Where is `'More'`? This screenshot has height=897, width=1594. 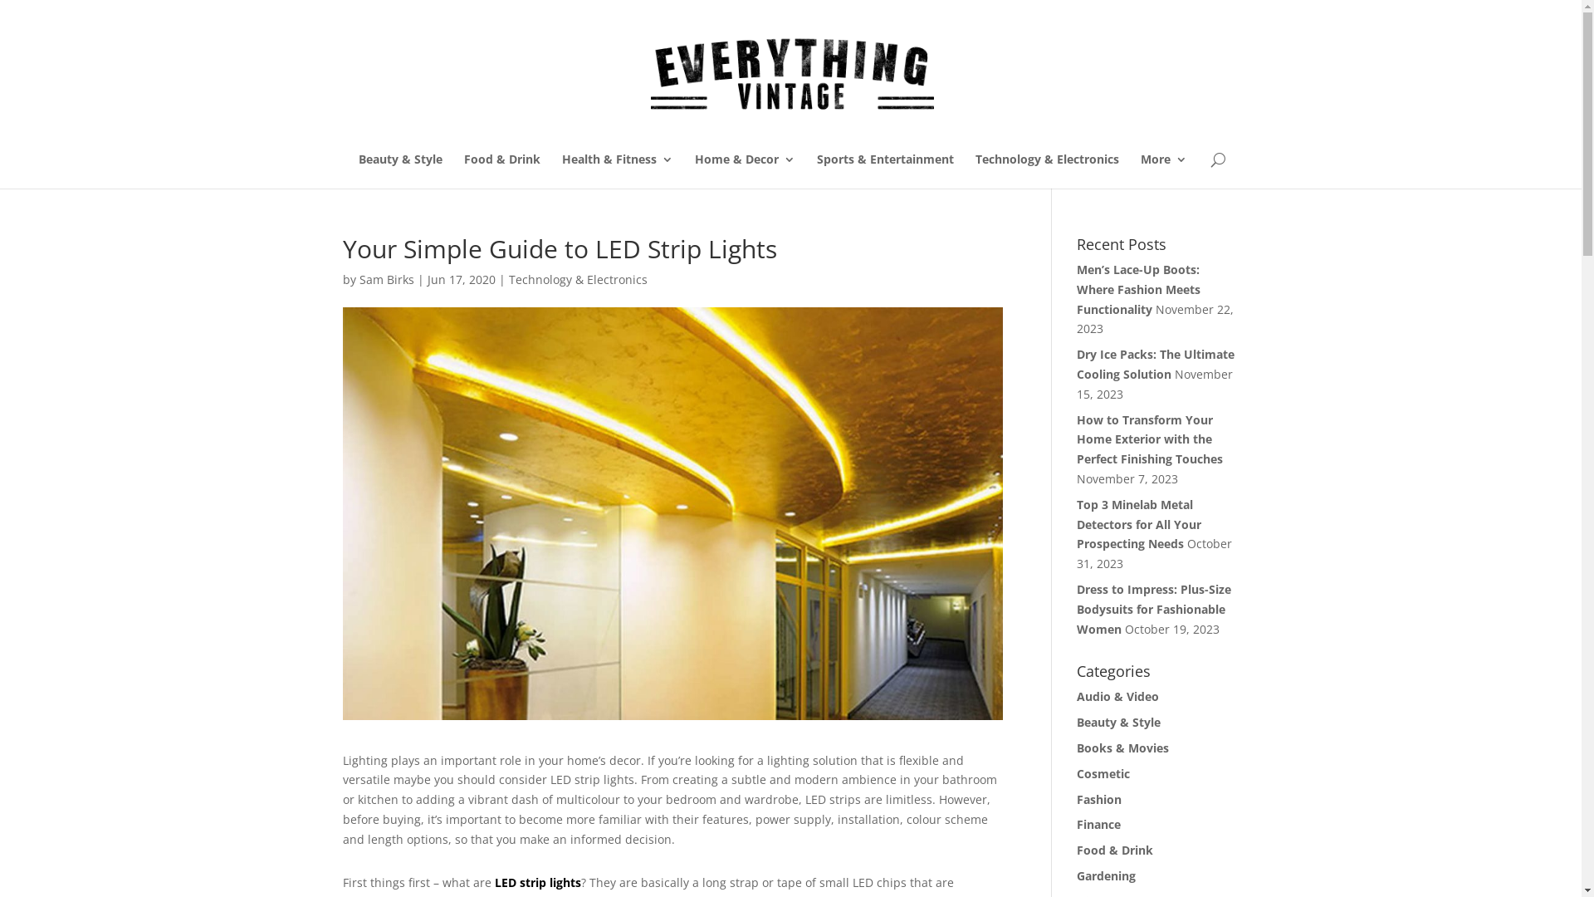
'More' is located at coordinates (1162, 170).